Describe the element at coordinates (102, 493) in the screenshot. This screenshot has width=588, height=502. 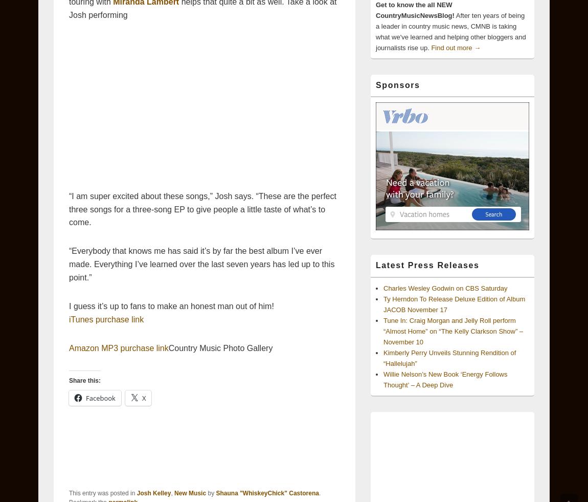
I see `'This entry was posted in'` at that location.